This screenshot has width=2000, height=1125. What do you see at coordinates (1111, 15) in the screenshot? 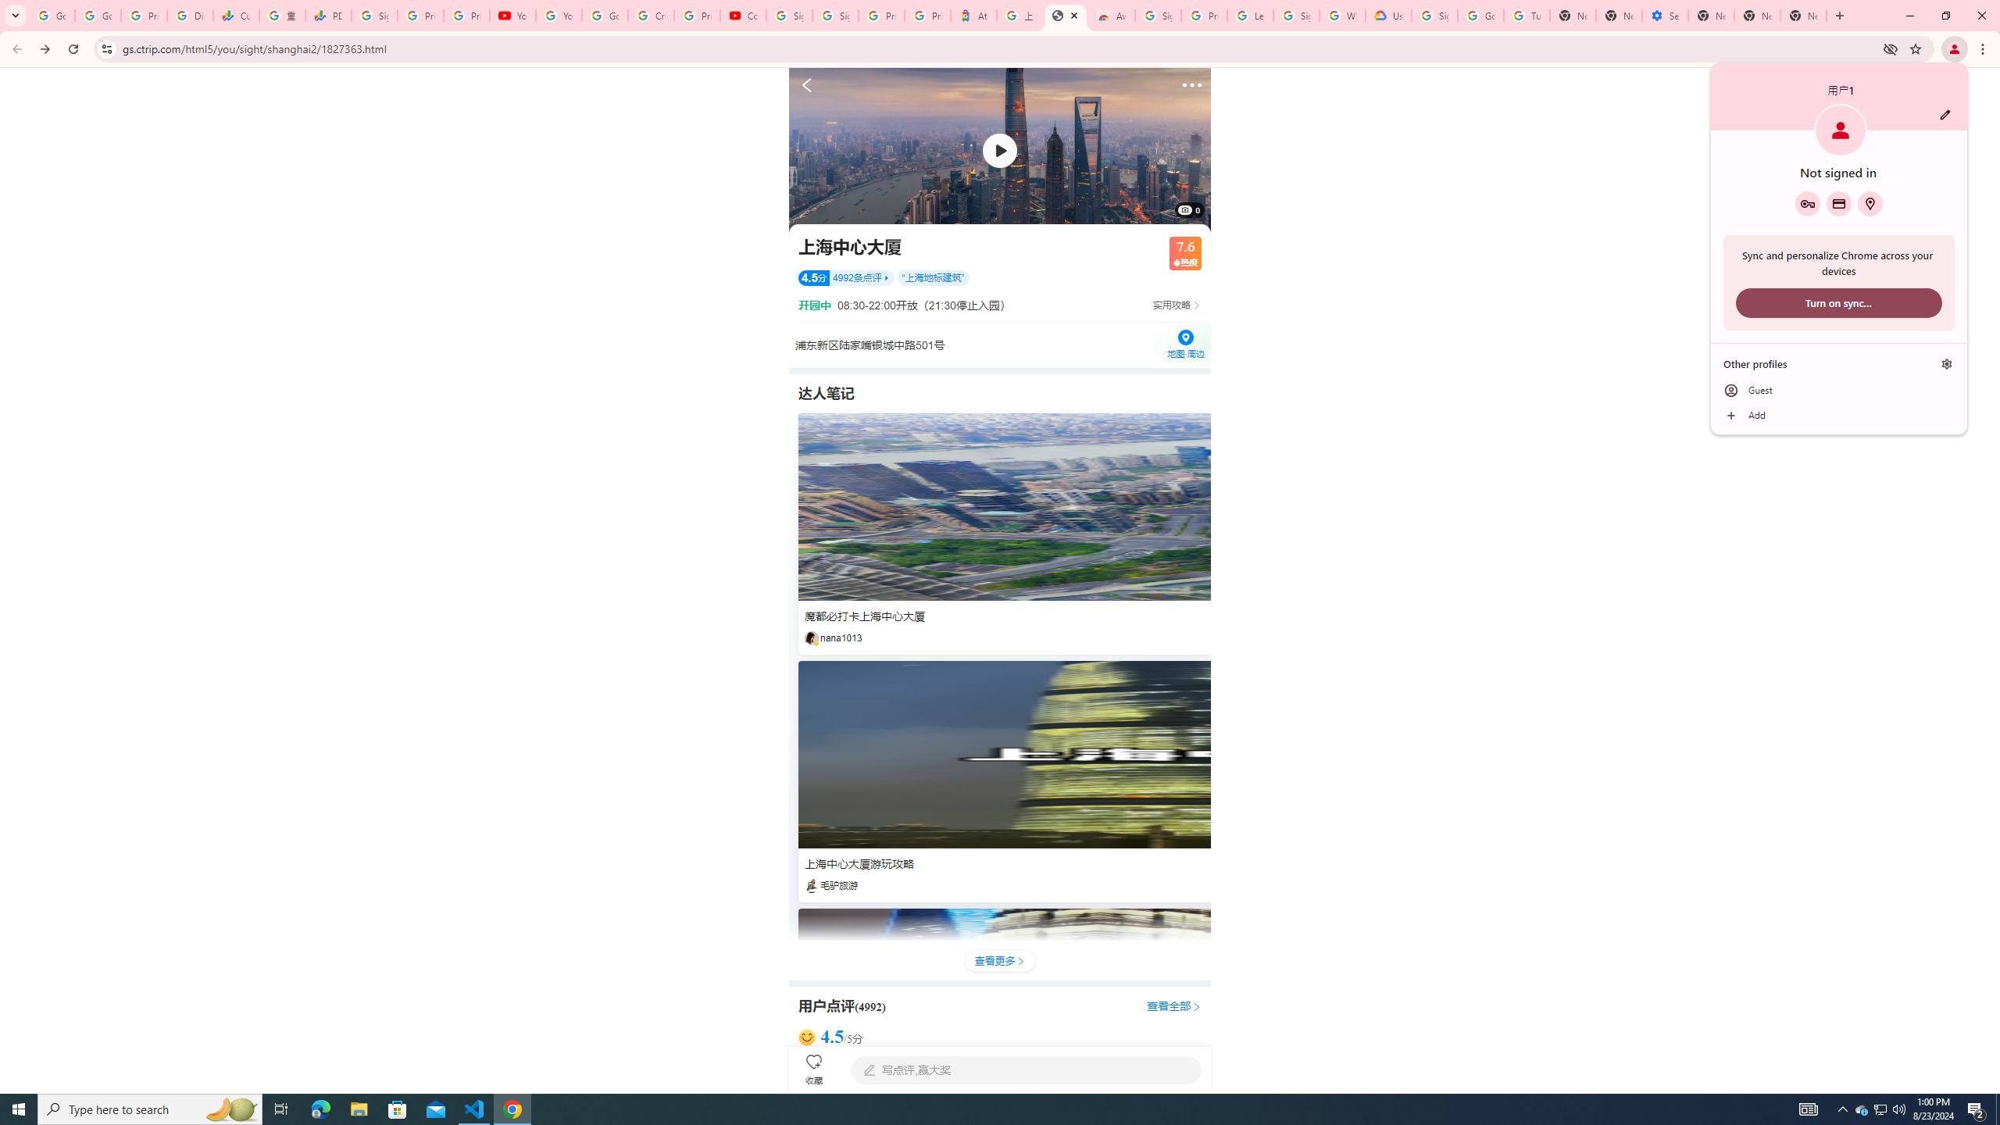
I see `'Awesome Screen Recorder & Screenshot - Chrome Web Store'` at bounding box center [1111, 15].